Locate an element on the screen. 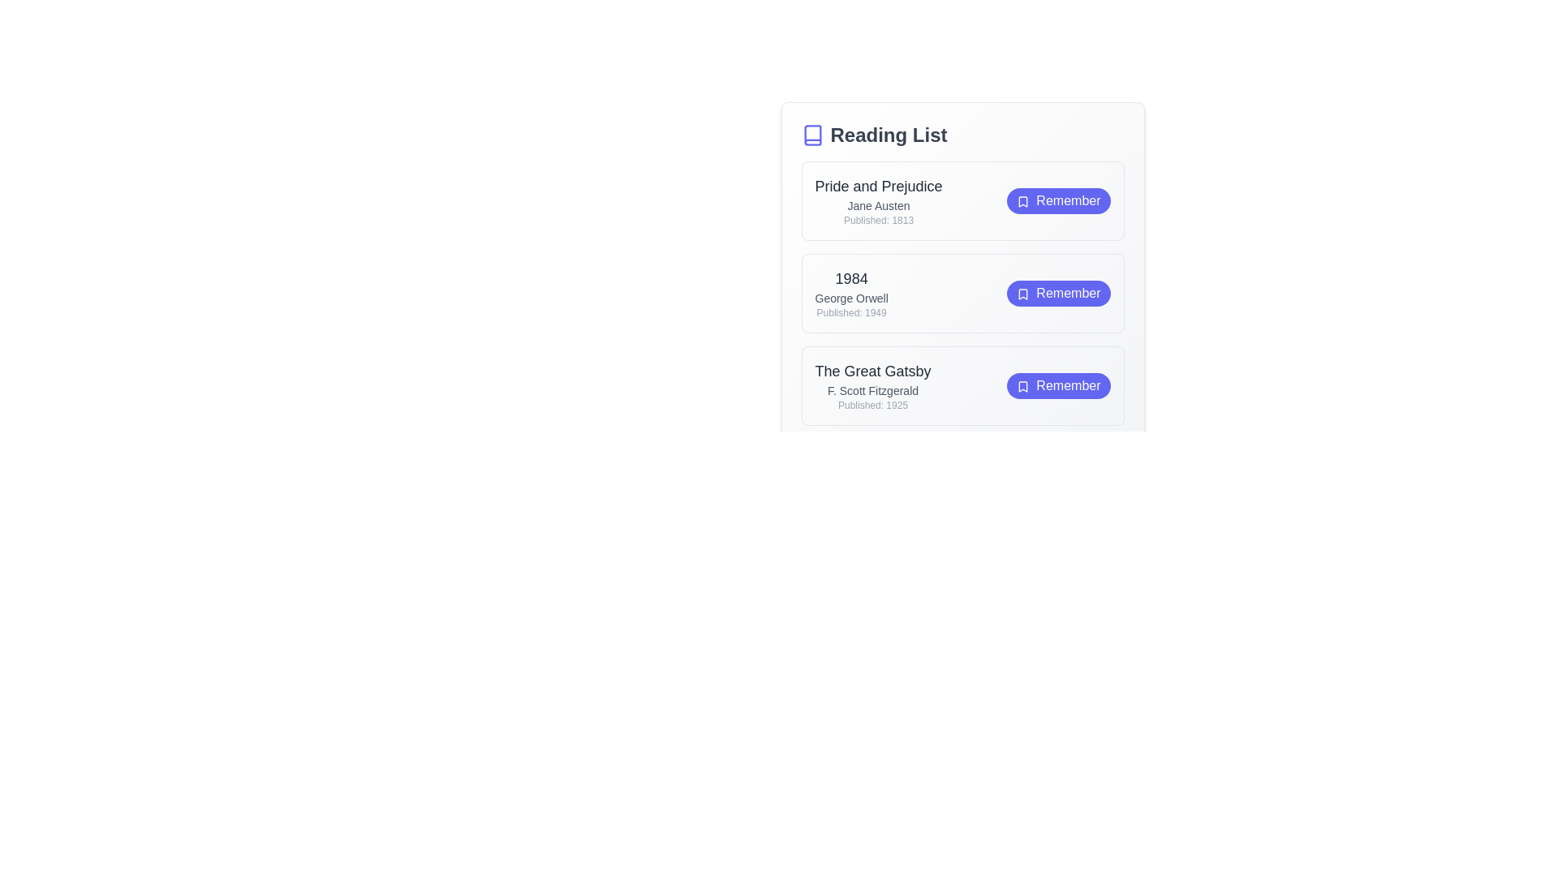 The width and height of the screenshot is (1558, 876). the 'Remember' button for the book titled 'Pride and Prejudice' is located at coordinates (1058, 200).